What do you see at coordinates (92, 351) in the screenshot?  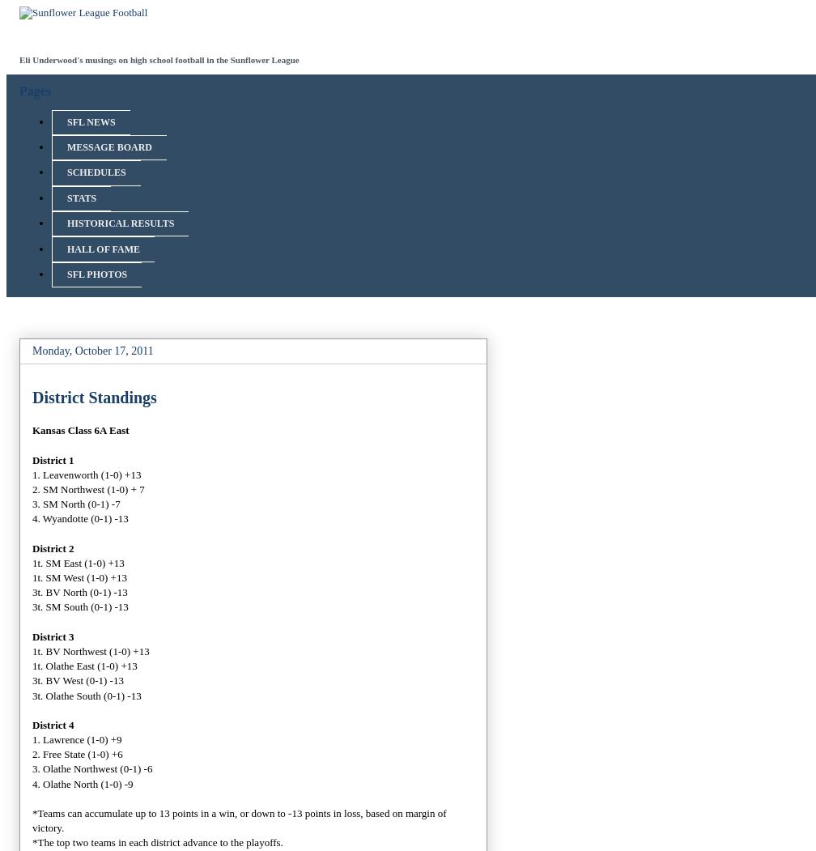 I see `'Monday, October 17, 2011'` at bounding box center [92, 351].